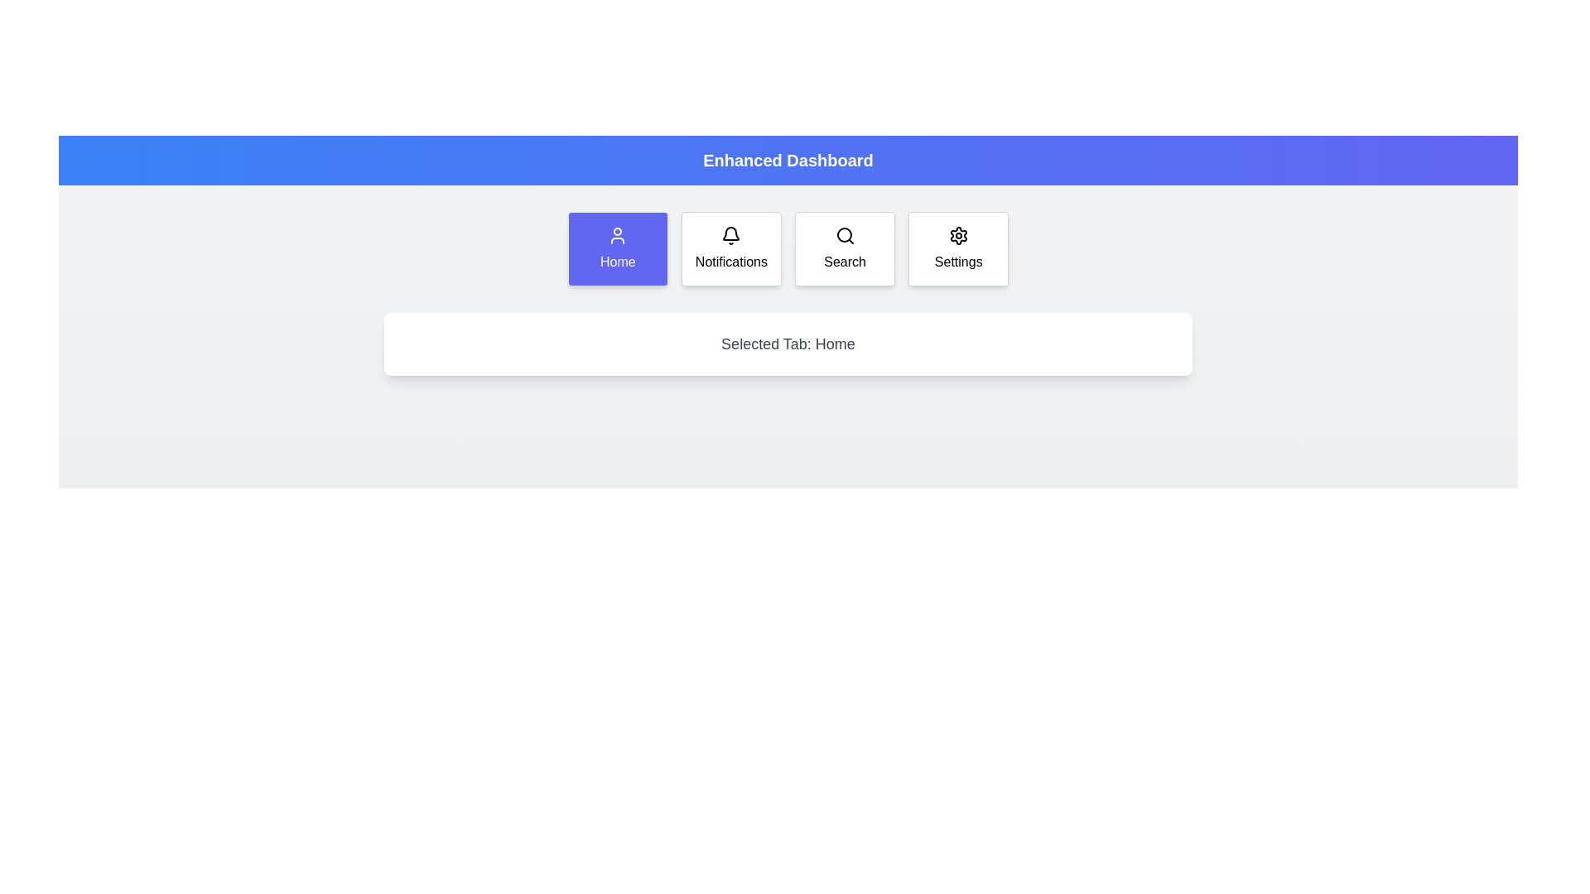 The width and height of the screenshot is (1590, 894). I want to click on the blue rounded button labeled 'Home', which features a white user profile icon above the text, so click(617, 248).